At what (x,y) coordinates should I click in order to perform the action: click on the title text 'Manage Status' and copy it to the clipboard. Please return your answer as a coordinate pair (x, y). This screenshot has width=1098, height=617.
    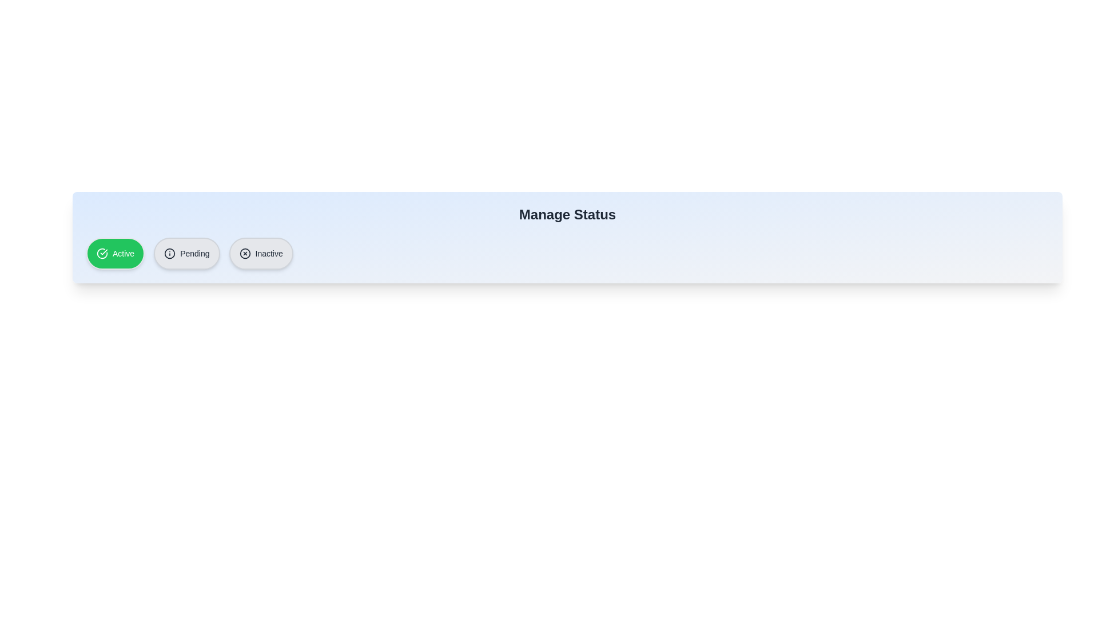
    Looking at the image, I should click on (567, 214).